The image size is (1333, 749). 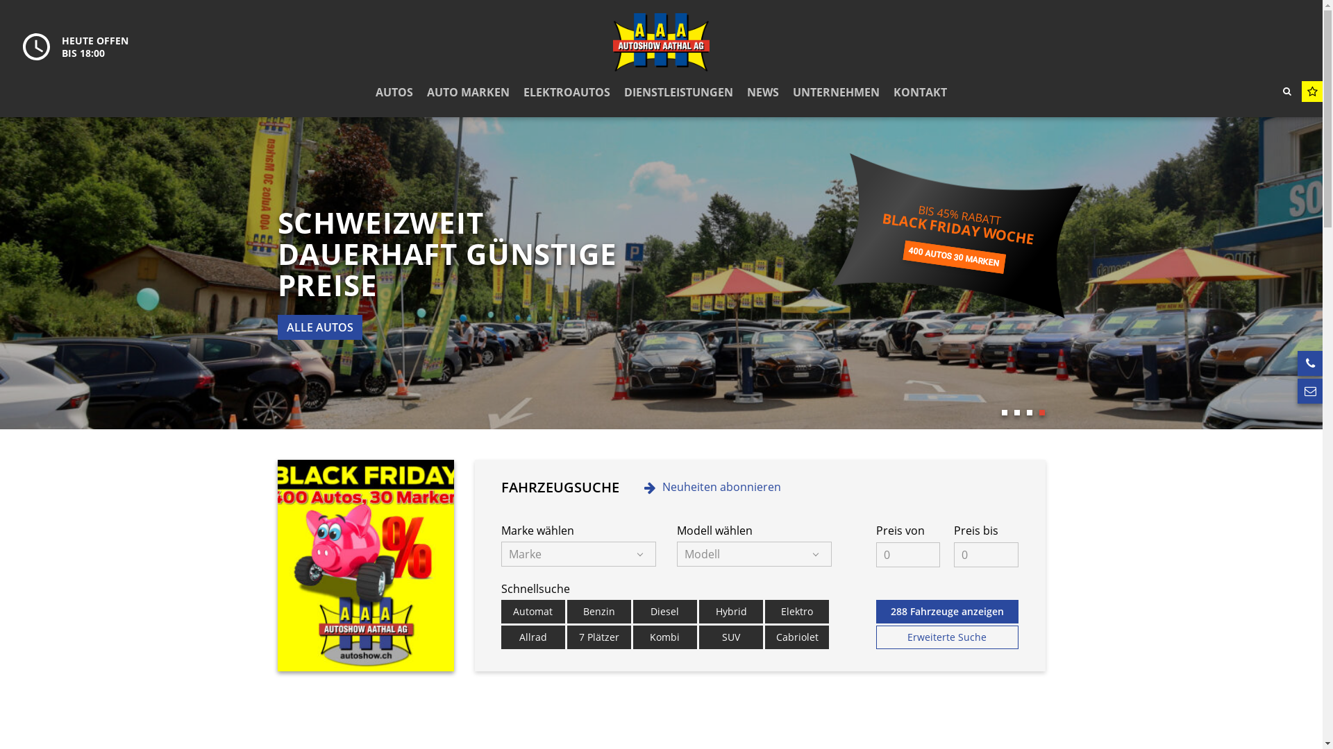 I want to click on 'HEUTE OFFEN, so click(x=75, y=46).